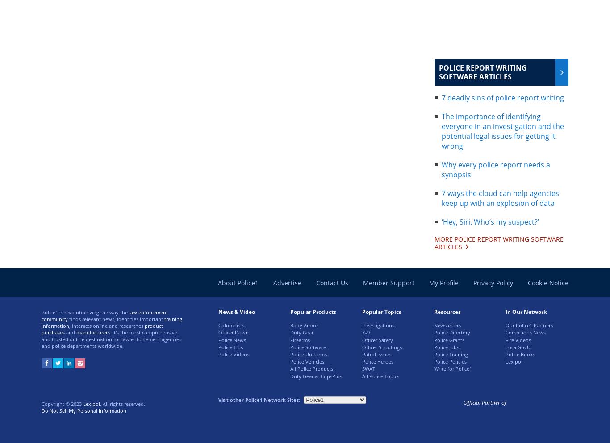  What do you see at coordinates (525, 332) in the screenshot?
I see `'Corrections News'` at bounding box center [525, 332].